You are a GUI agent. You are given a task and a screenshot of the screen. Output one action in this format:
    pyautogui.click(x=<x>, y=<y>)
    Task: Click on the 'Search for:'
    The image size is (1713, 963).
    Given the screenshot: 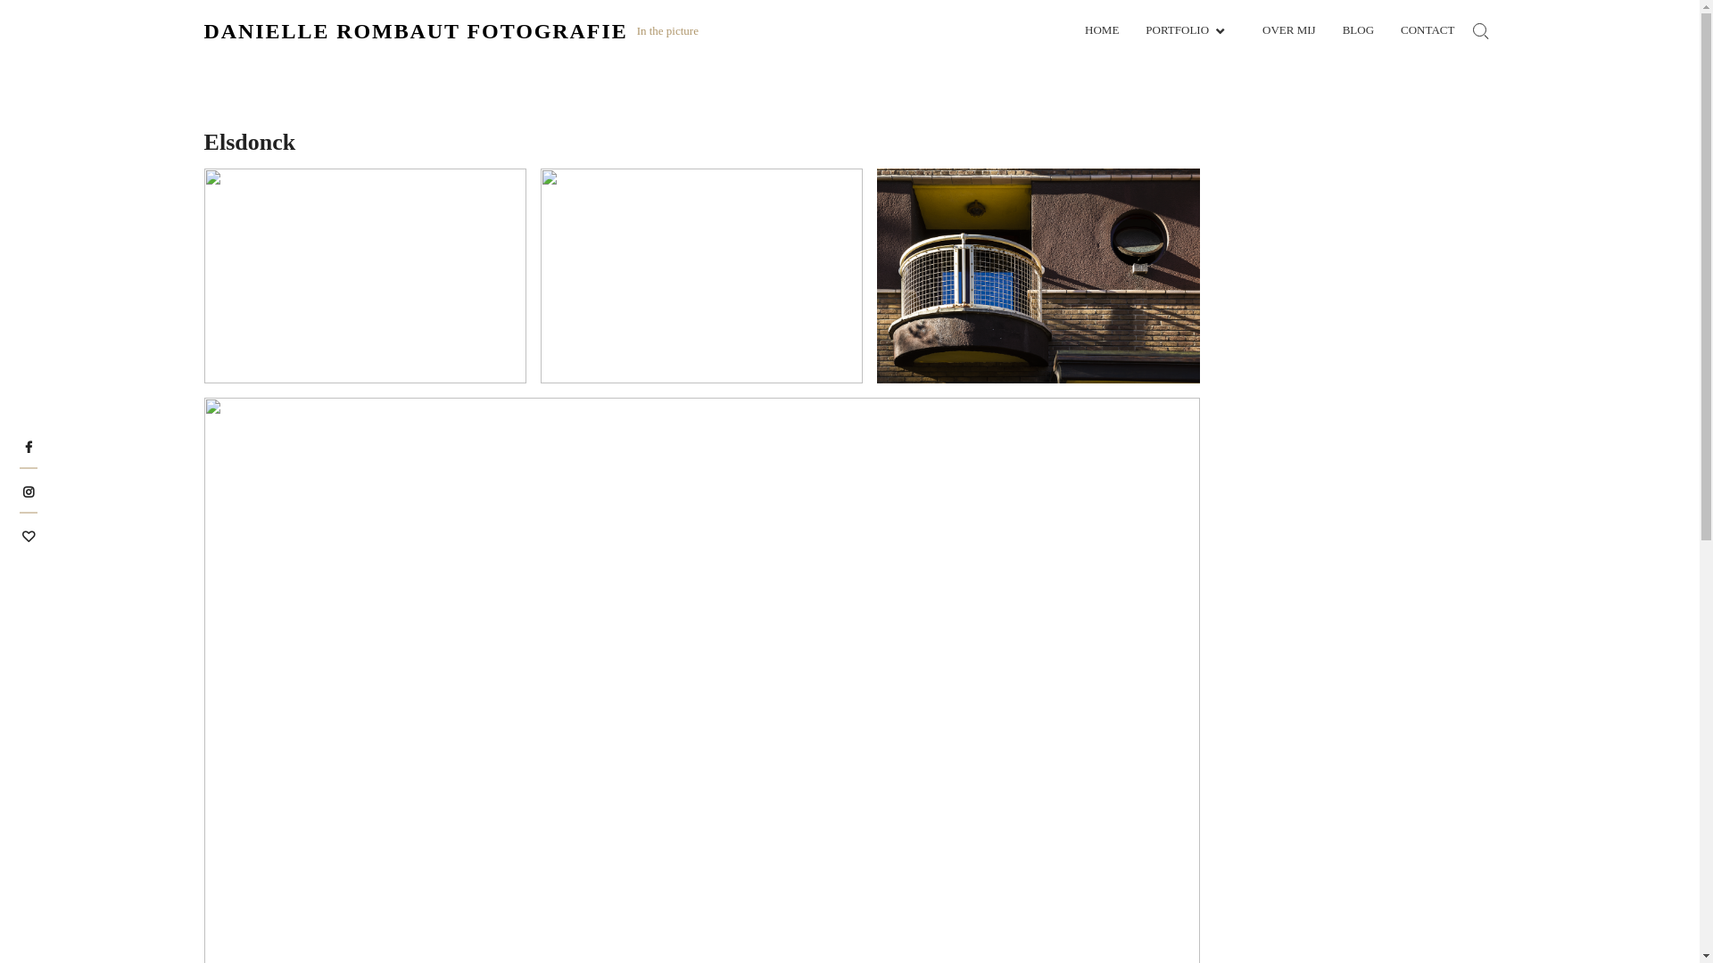 What is the action you would take?
    pyautogui.click(x=1480, y=30)
    